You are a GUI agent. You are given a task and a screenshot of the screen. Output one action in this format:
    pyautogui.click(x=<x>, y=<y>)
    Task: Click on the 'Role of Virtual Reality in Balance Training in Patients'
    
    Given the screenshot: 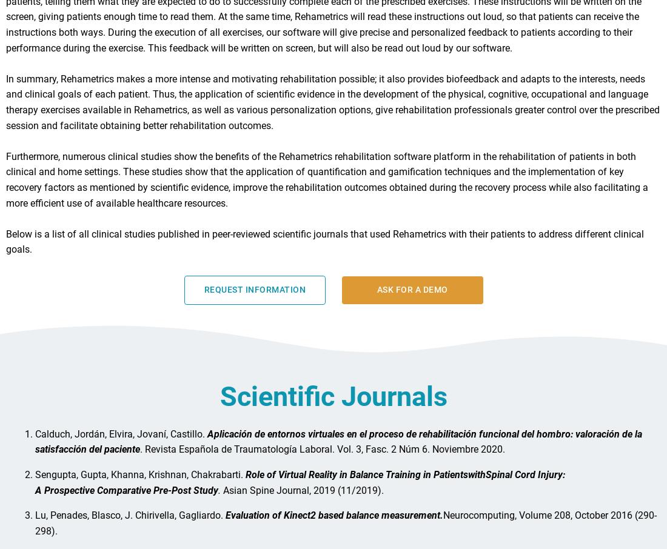 What is the action you would take?
    pyautogui.click(x=356, y=479)
    